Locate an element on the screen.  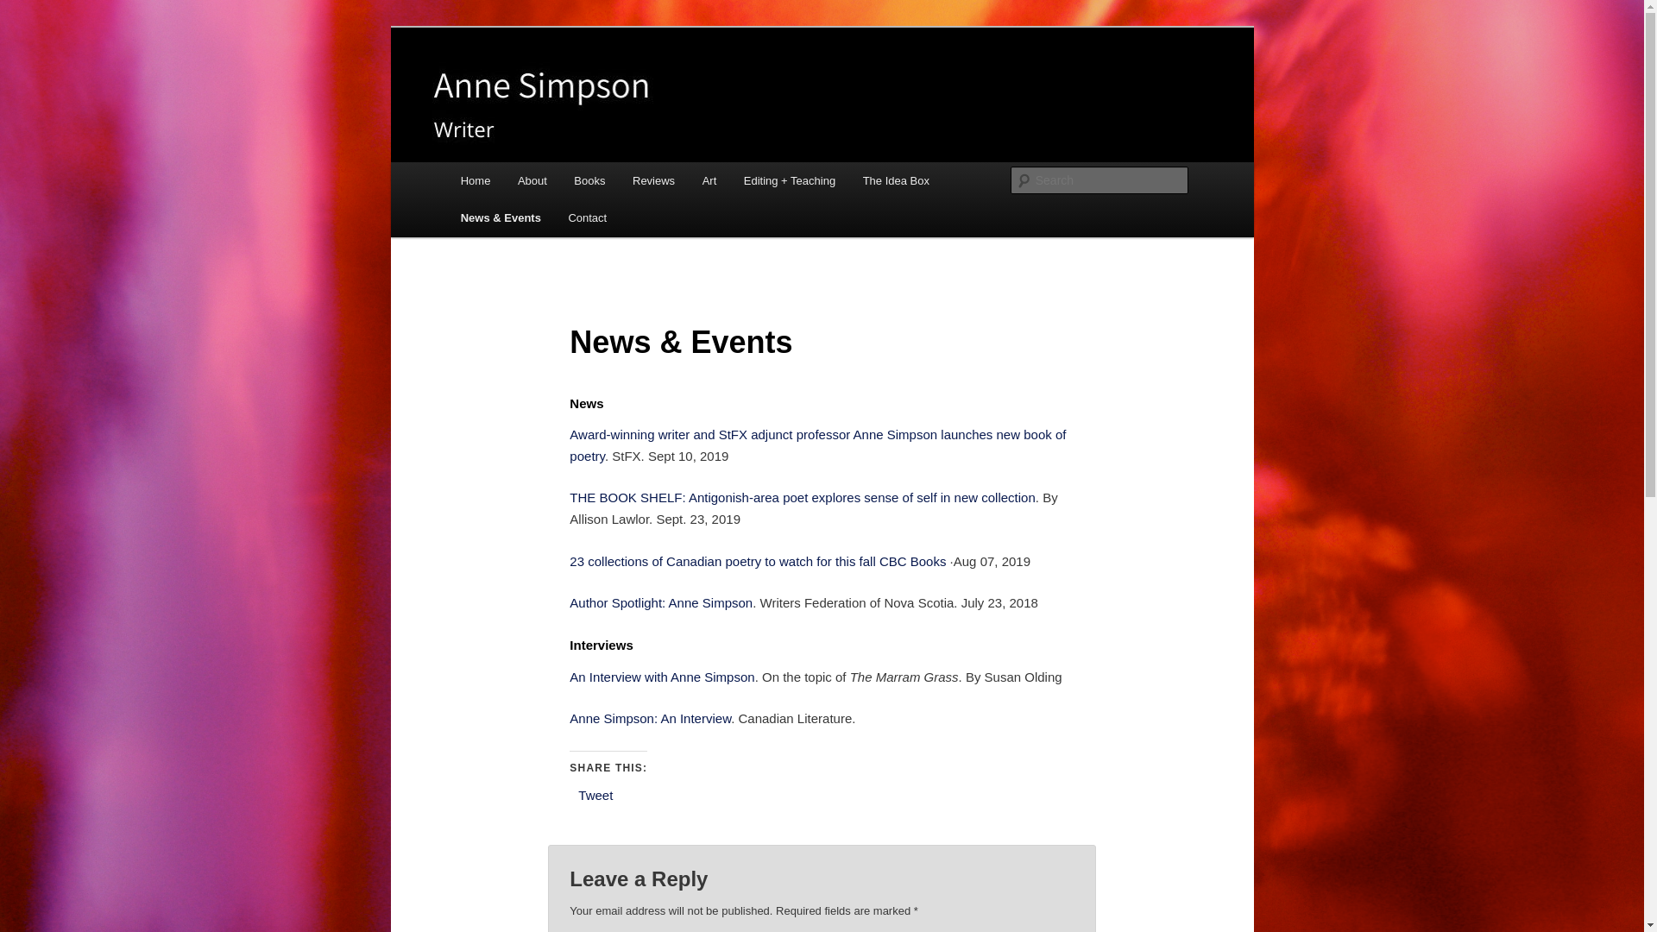
'Home' is located at coordinates (476, 180).